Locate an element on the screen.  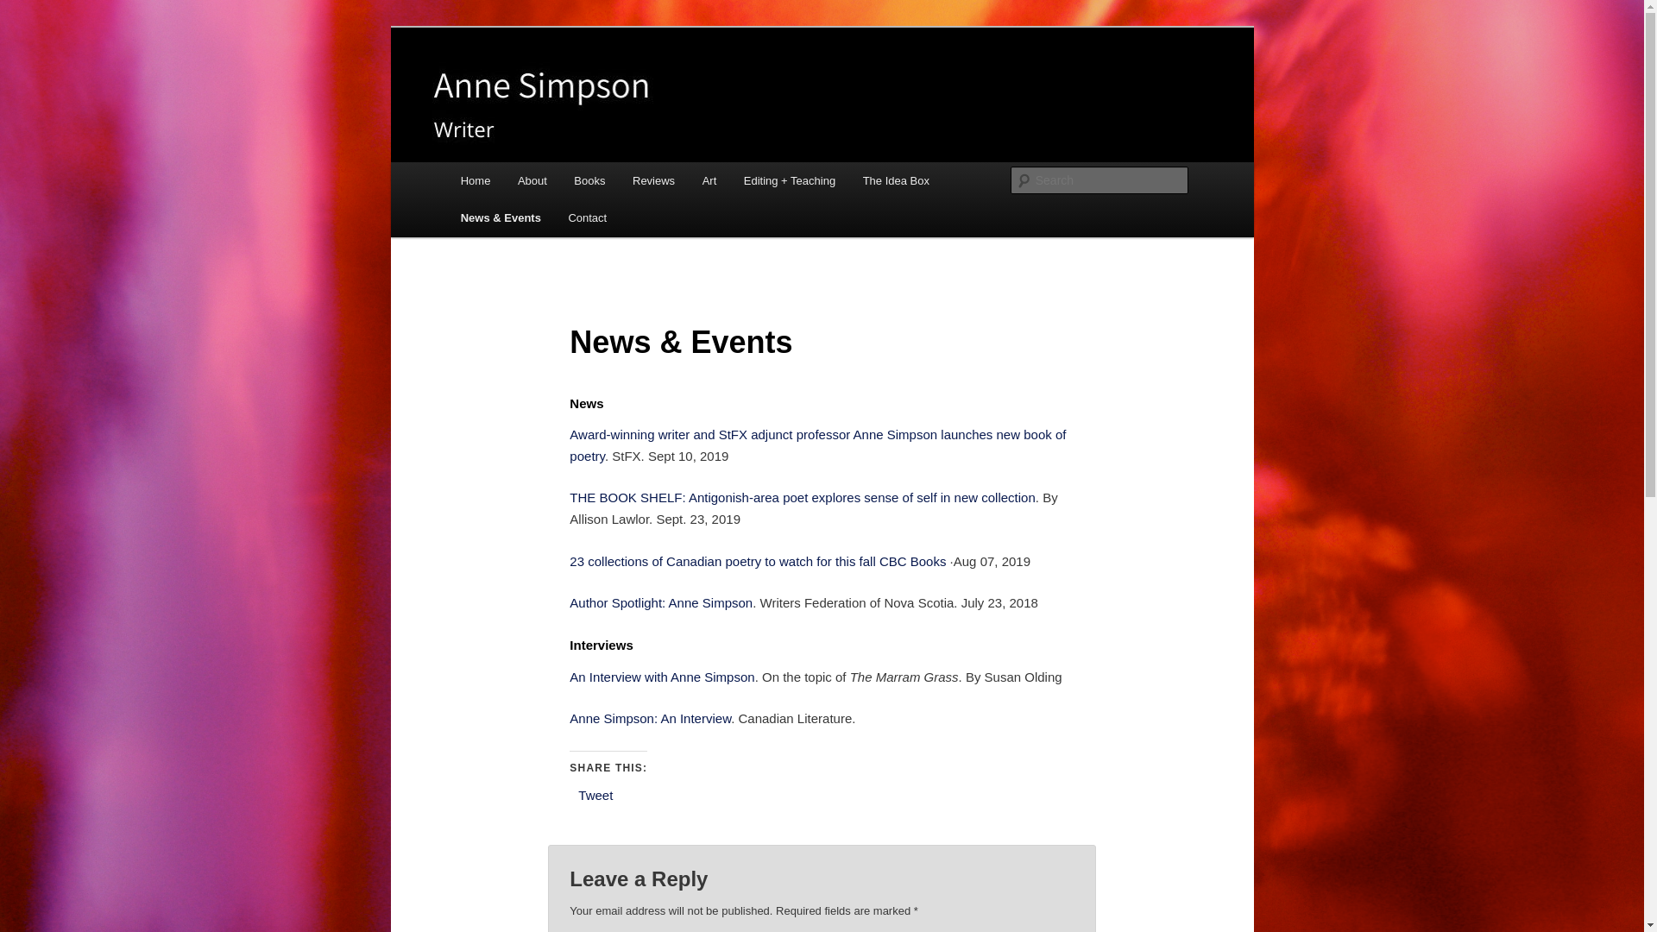
'Home' is located at coordinates (476, 180).